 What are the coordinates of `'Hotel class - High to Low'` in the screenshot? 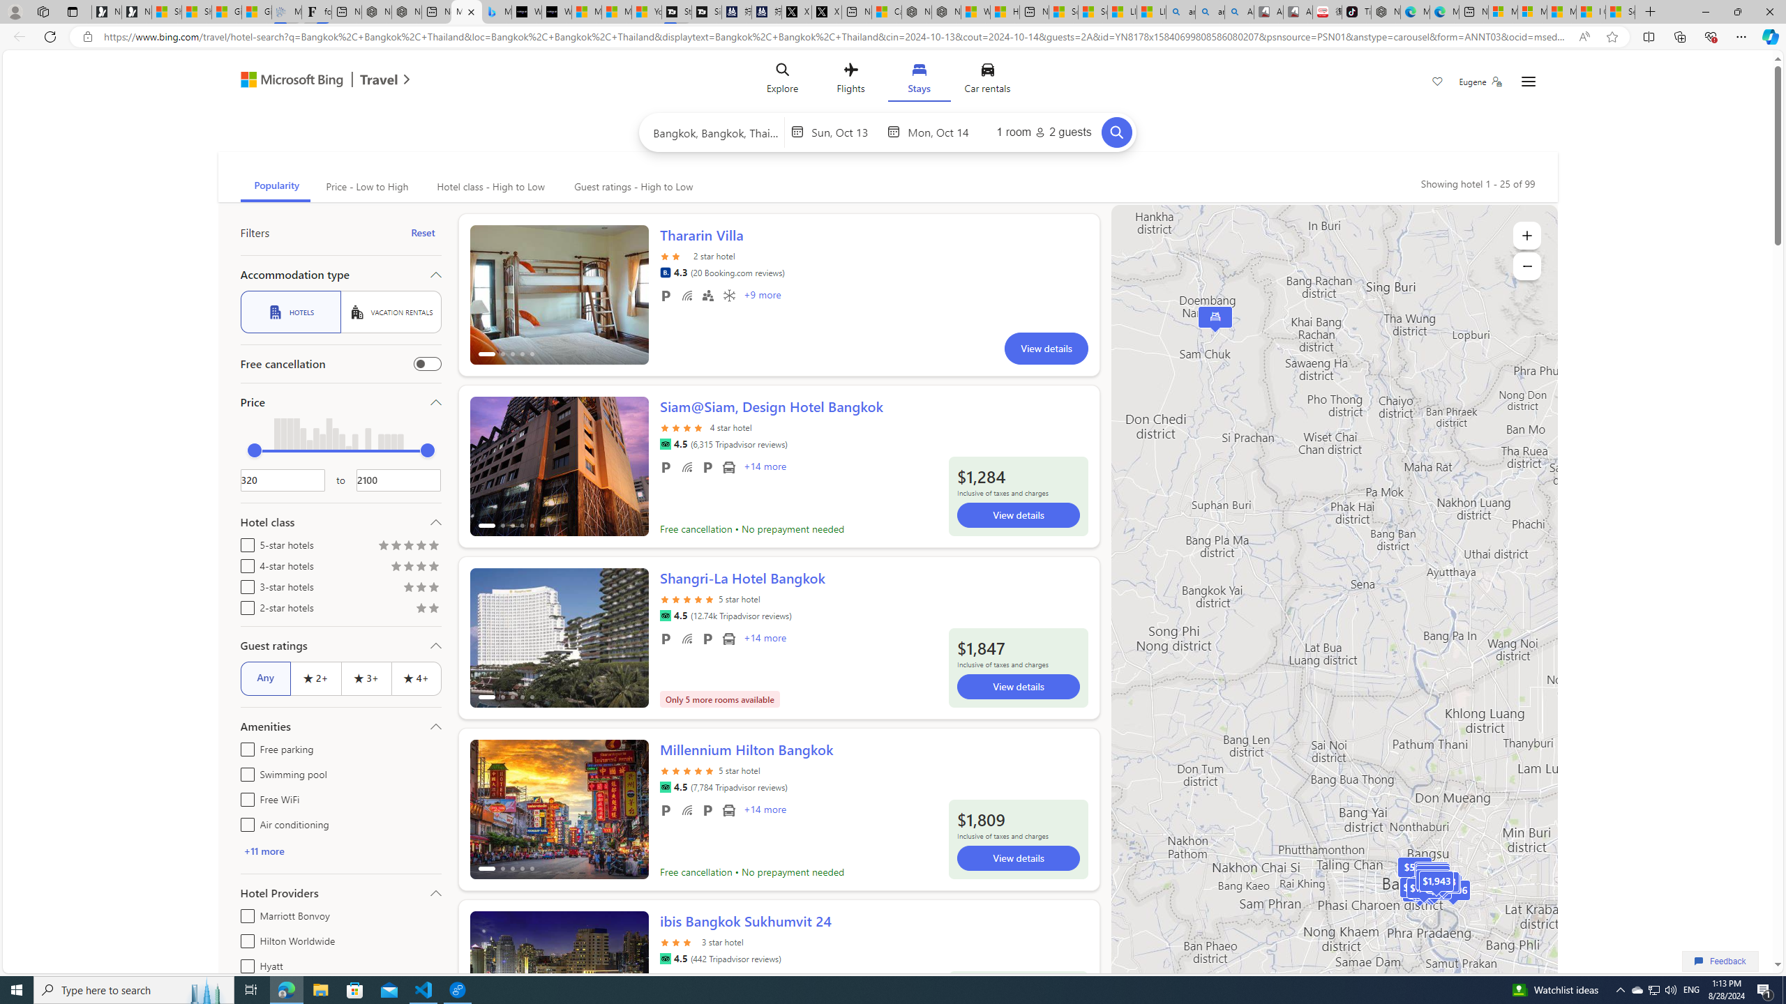 It's located at (489, 186).